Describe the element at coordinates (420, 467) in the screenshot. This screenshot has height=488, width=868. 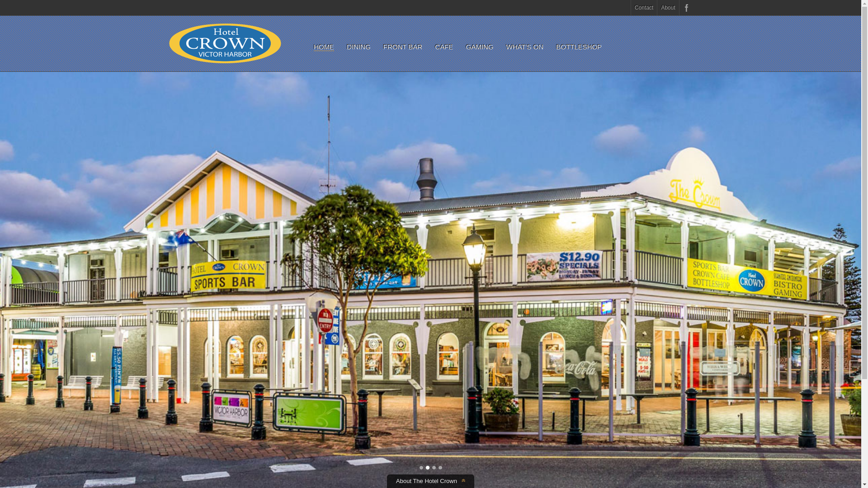
I see `'1'` at that location.